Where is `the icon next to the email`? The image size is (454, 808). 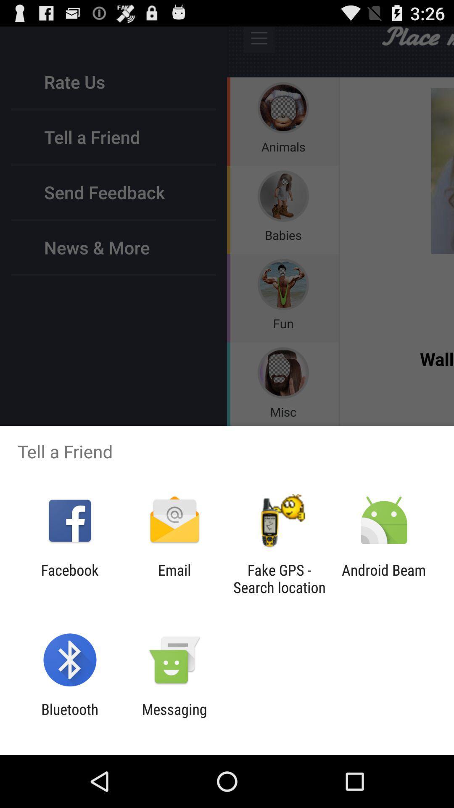
the icon next to the email is located at coordinates (279, 578).